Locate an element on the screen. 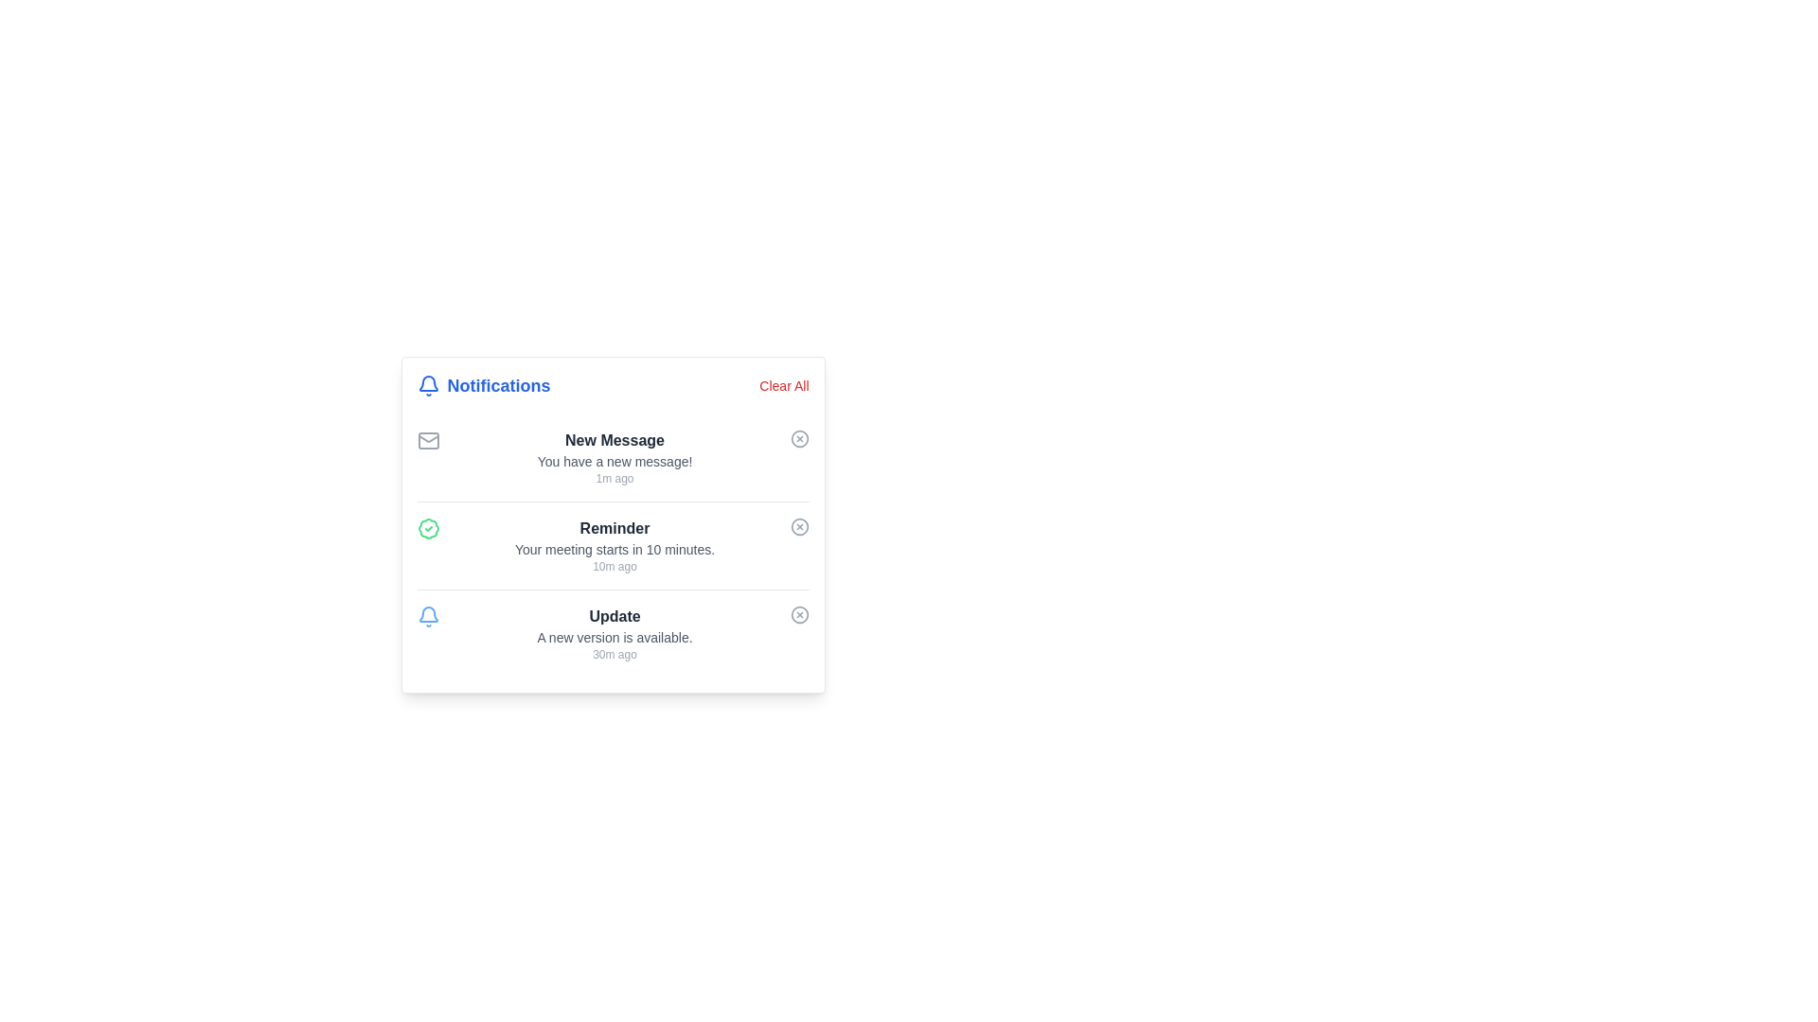 This screenshot has height=1022, width=1818. the title text label of the third notification entry in the notifications list, which summarizes the notification's topic is located at coordinates (615, 616).